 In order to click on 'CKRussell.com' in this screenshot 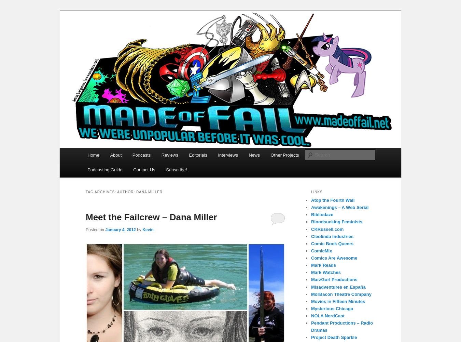, I will do `click(327, 229)`.